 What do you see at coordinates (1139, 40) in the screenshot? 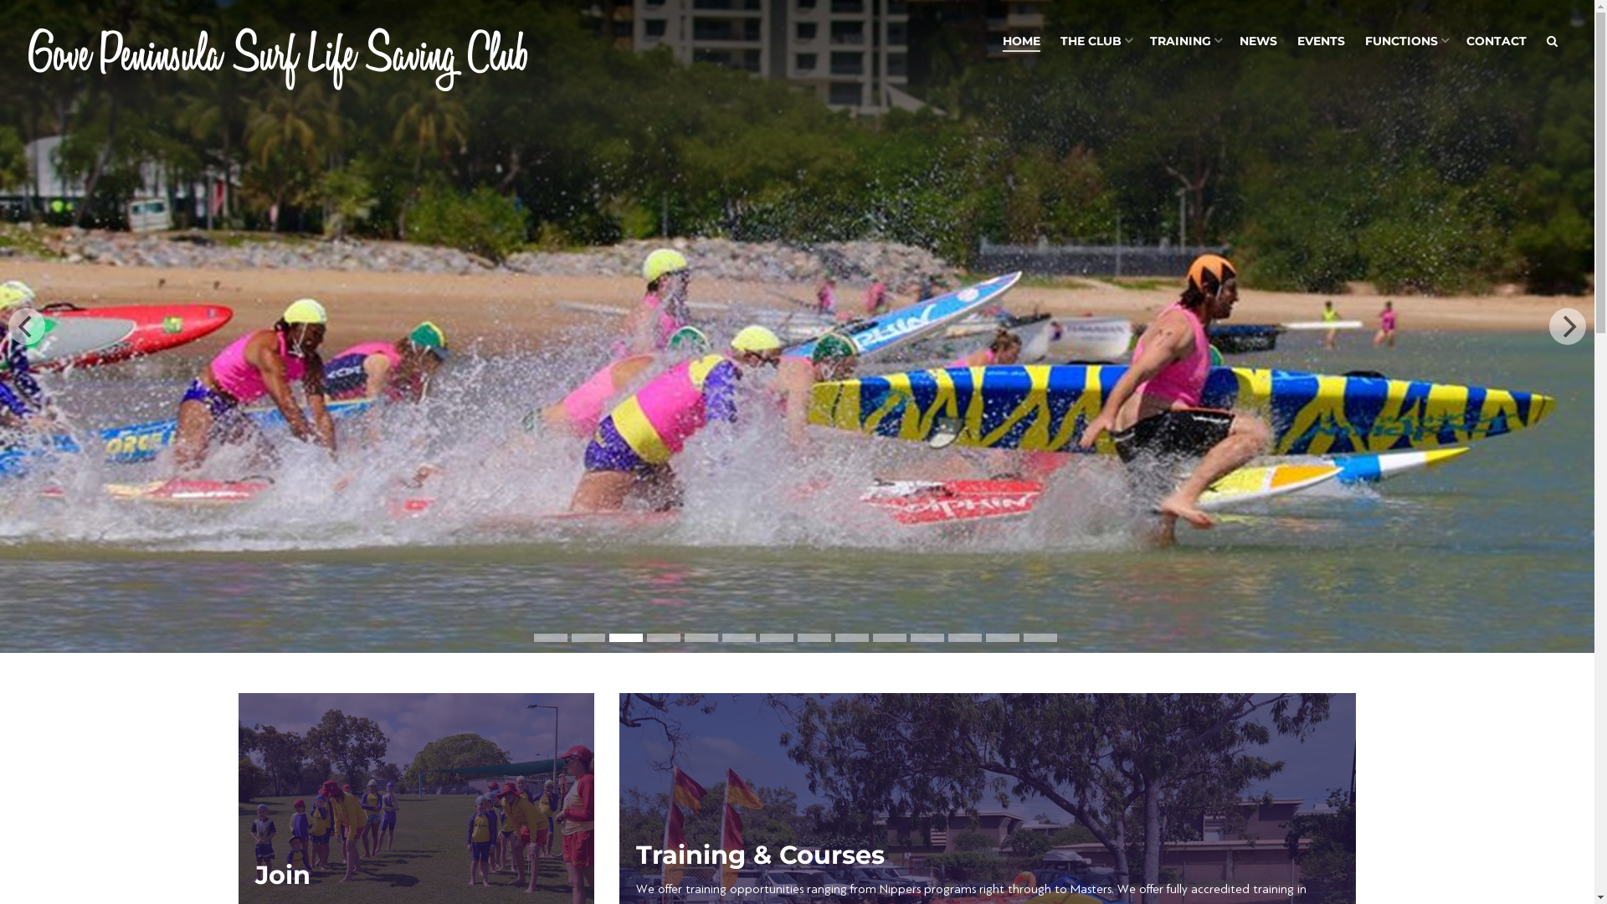
I see `'TRAINING'` at bounding box center [1139, 40].